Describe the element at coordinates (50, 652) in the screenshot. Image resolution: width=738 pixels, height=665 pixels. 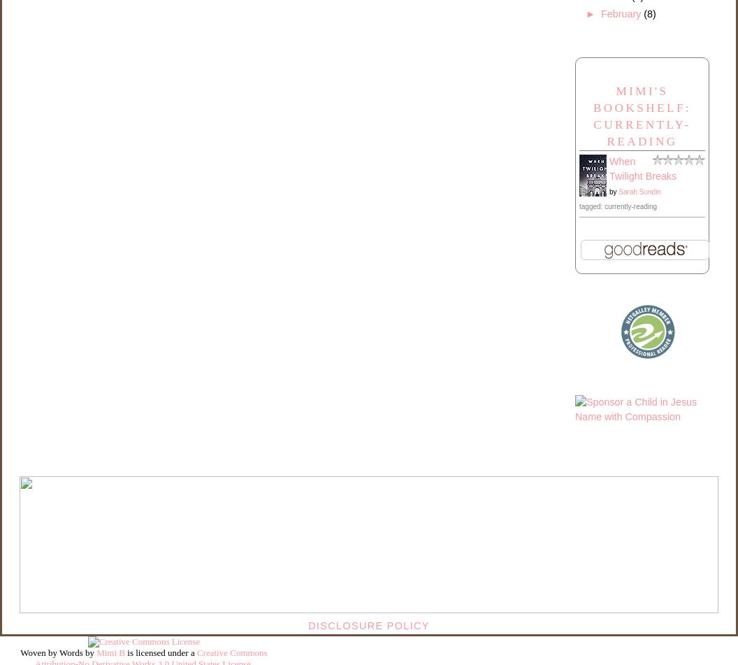
I see `'Woven by Words'` at that location.